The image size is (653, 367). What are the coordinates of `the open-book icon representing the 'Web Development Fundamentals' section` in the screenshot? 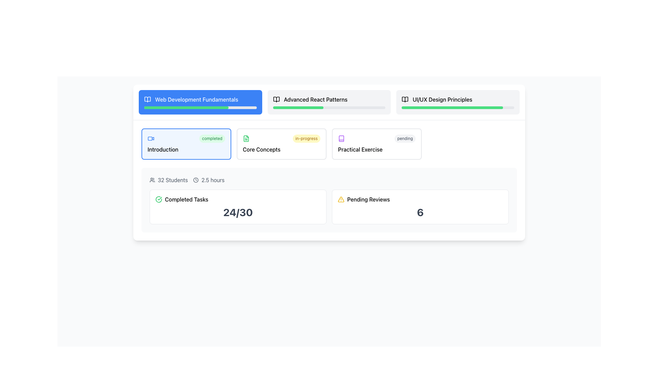 It's located at (147, 100).